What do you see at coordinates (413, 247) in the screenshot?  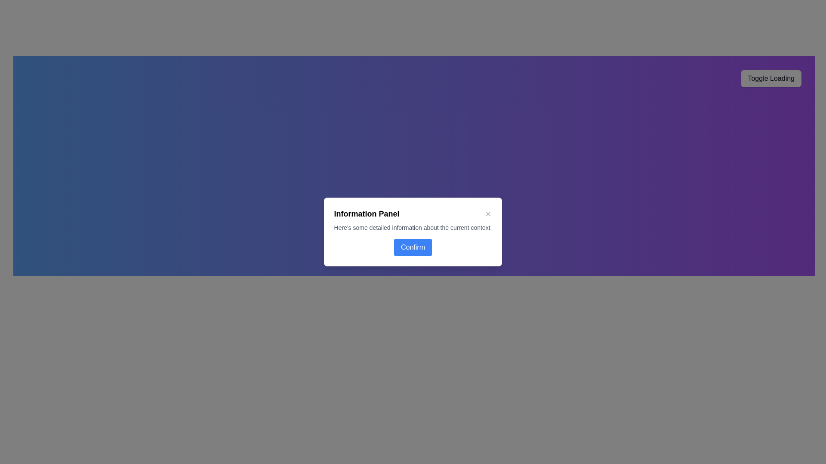 I see `the confirmation button located at the bottom of the white dialog box titled 'Information Panel'` at bounding box center [413, 247].